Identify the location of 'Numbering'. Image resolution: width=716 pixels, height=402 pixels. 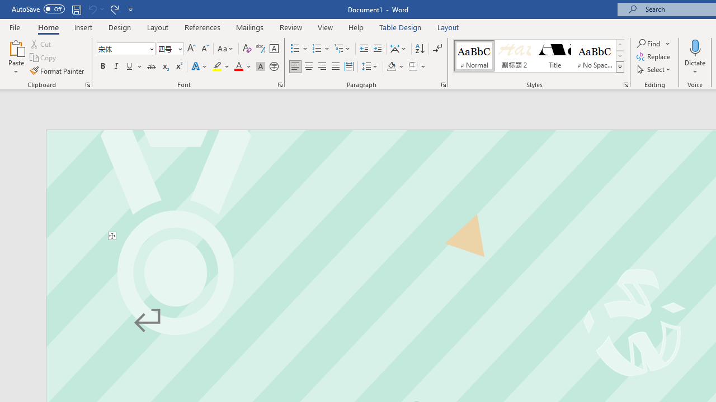
(317, 48).